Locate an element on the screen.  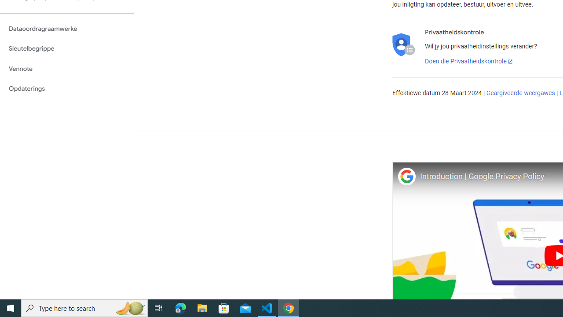
'Fotobeeld van Google' is located at coordinates (406, 176).